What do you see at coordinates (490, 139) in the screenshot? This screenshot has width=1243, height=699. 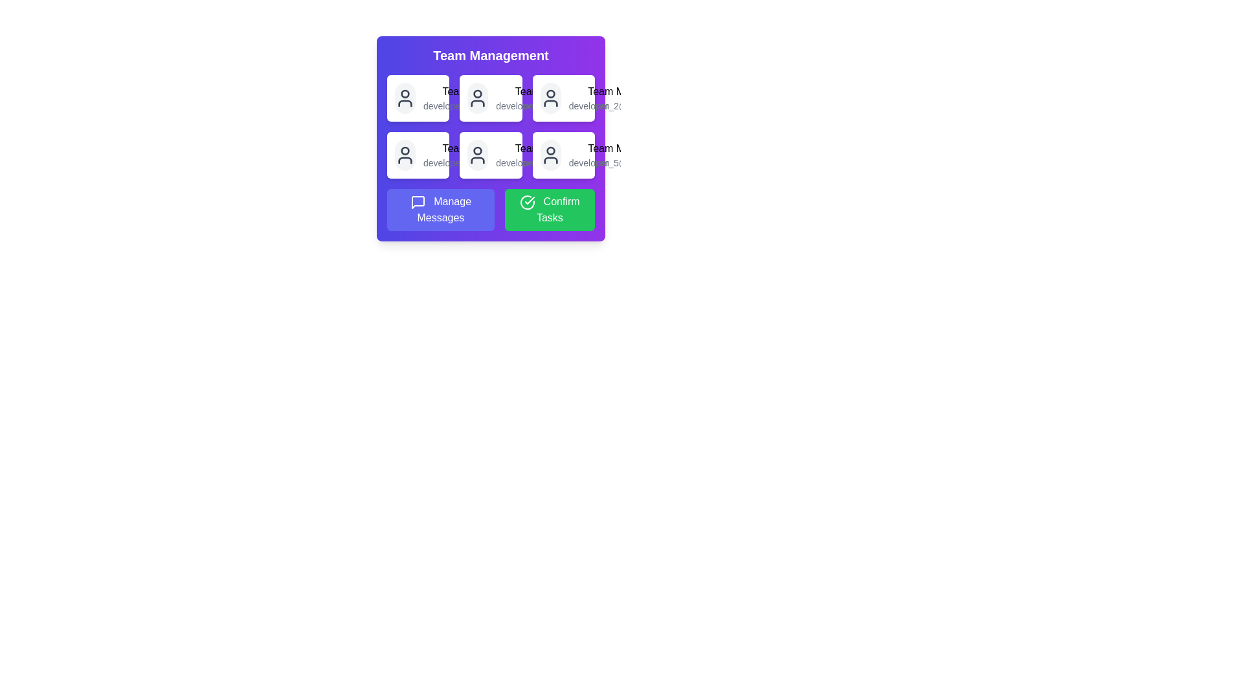 I see `on the card representing 'Team Member 4' within the grid layout` at bounding box center [490, 139].